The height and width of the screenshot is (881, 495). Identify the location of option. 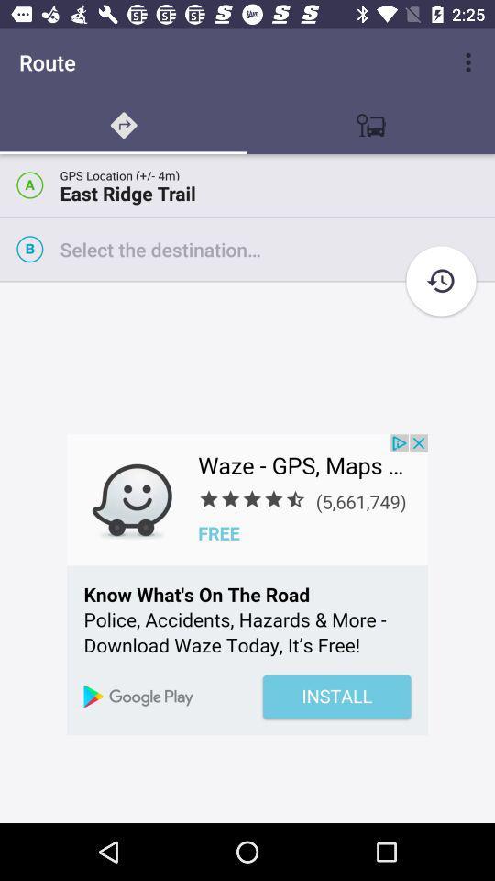
(276, 248).